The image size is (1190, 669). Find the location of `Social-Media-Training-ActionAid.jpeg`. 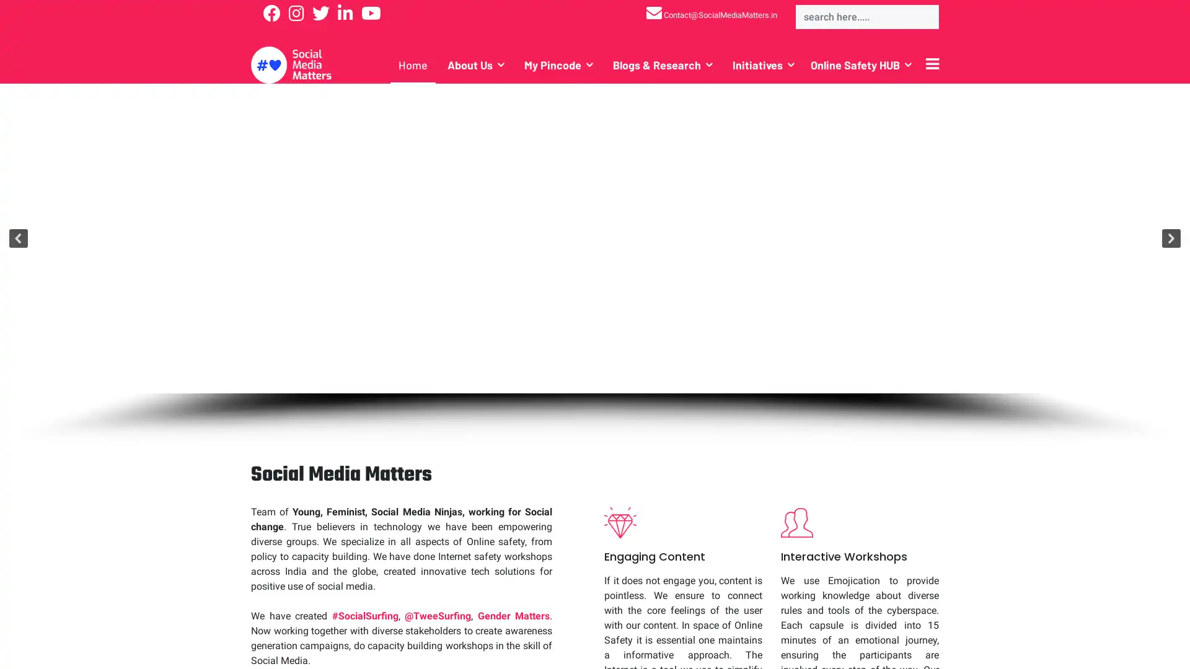

Social-Media-Training-ActionAid.jpeg is located at coordinates (633, 381).